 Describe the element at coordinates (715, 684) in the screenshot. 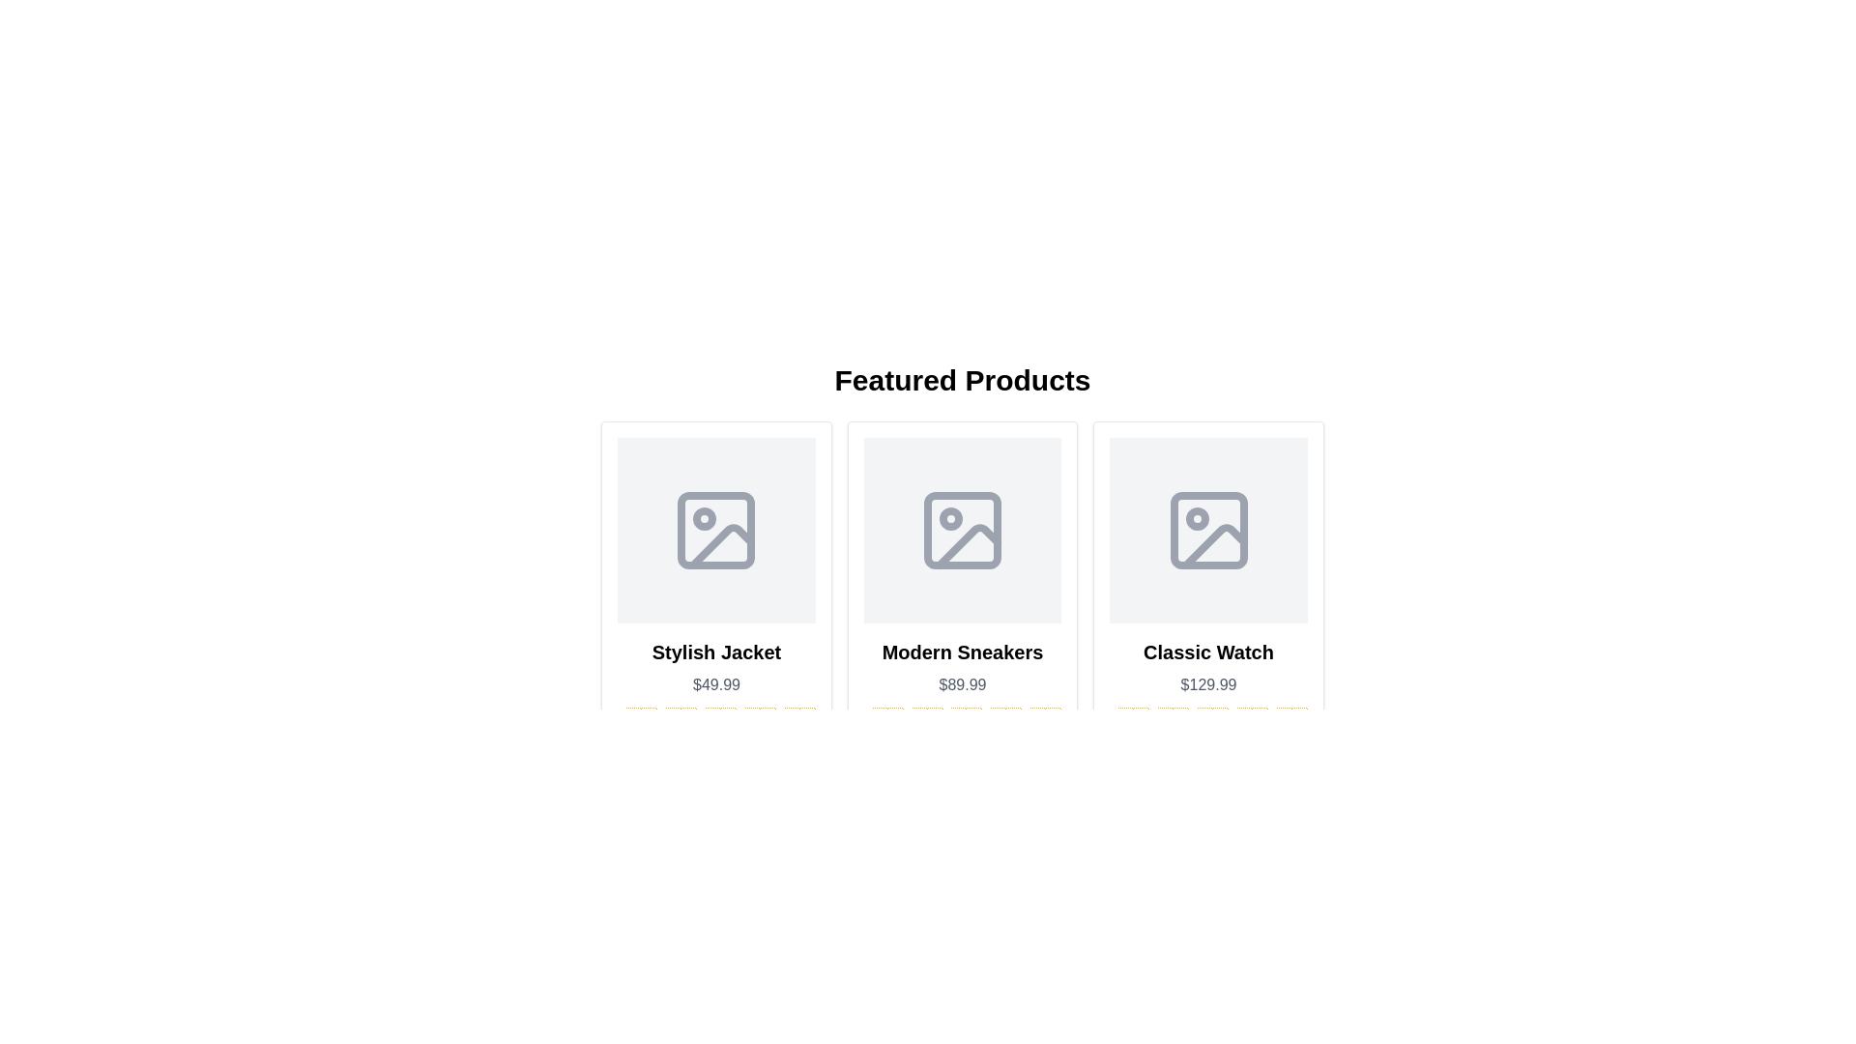

I see `the price text element for the 'Stylish Jacket', which is located directly beneath the heading and above the rating stars` at that location.